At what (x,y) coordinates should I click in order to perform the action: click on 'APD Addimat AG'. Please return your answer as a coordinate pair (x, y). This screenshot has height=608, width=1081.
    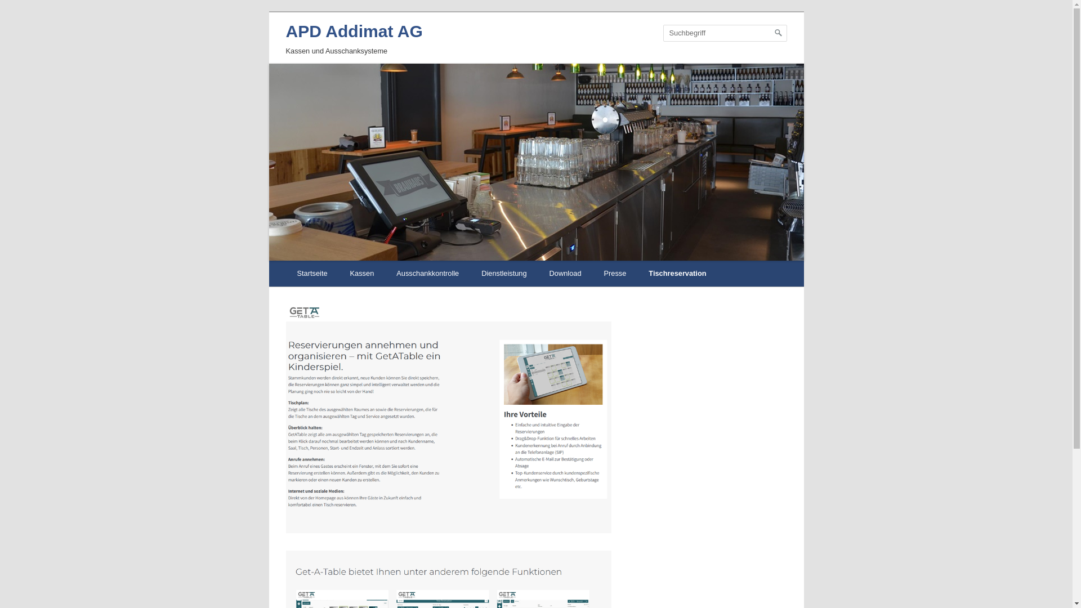
    Looking at the image, I should click on (354, 30).